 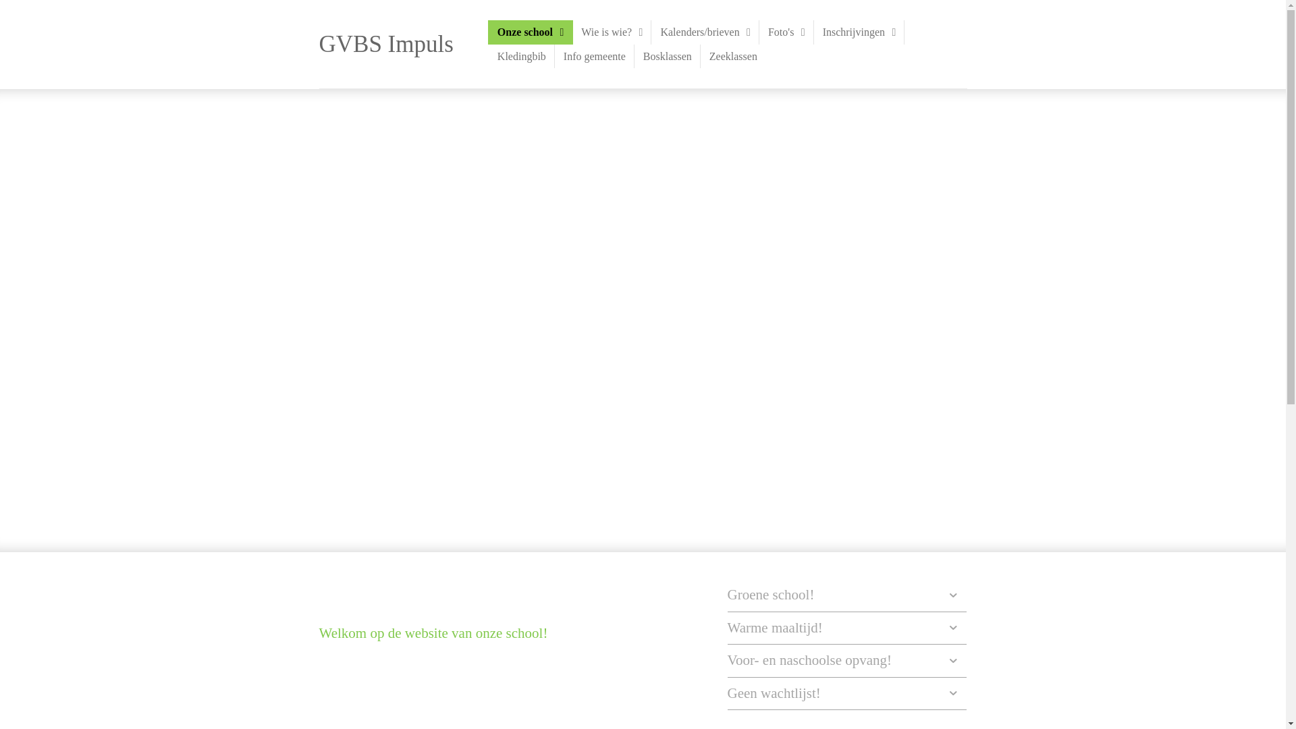 I want to click on 'Onze school', so click(x=530, y=31).